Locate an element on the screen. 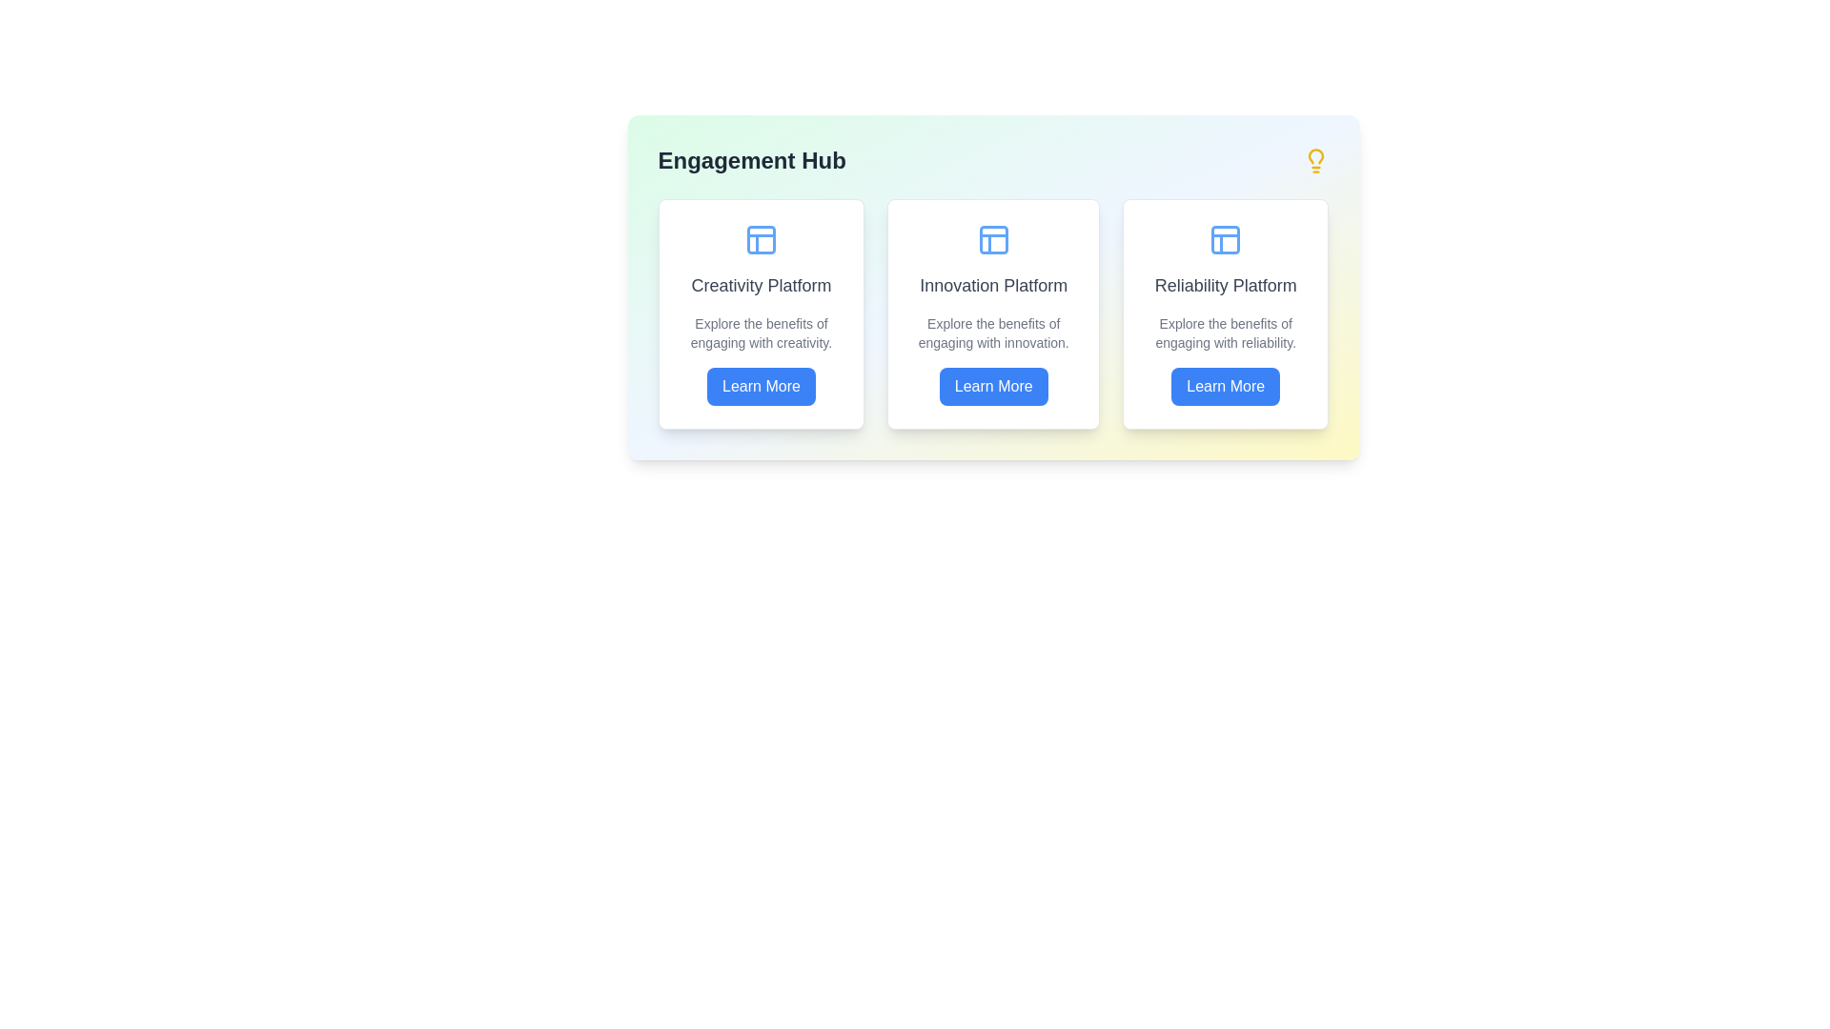 The image size is (1830, 1029). the decorative icon associated with the 'Creativity Platform' card, positioned at the top center of the card, above the text and button elements is located at coordinates (760, 238).